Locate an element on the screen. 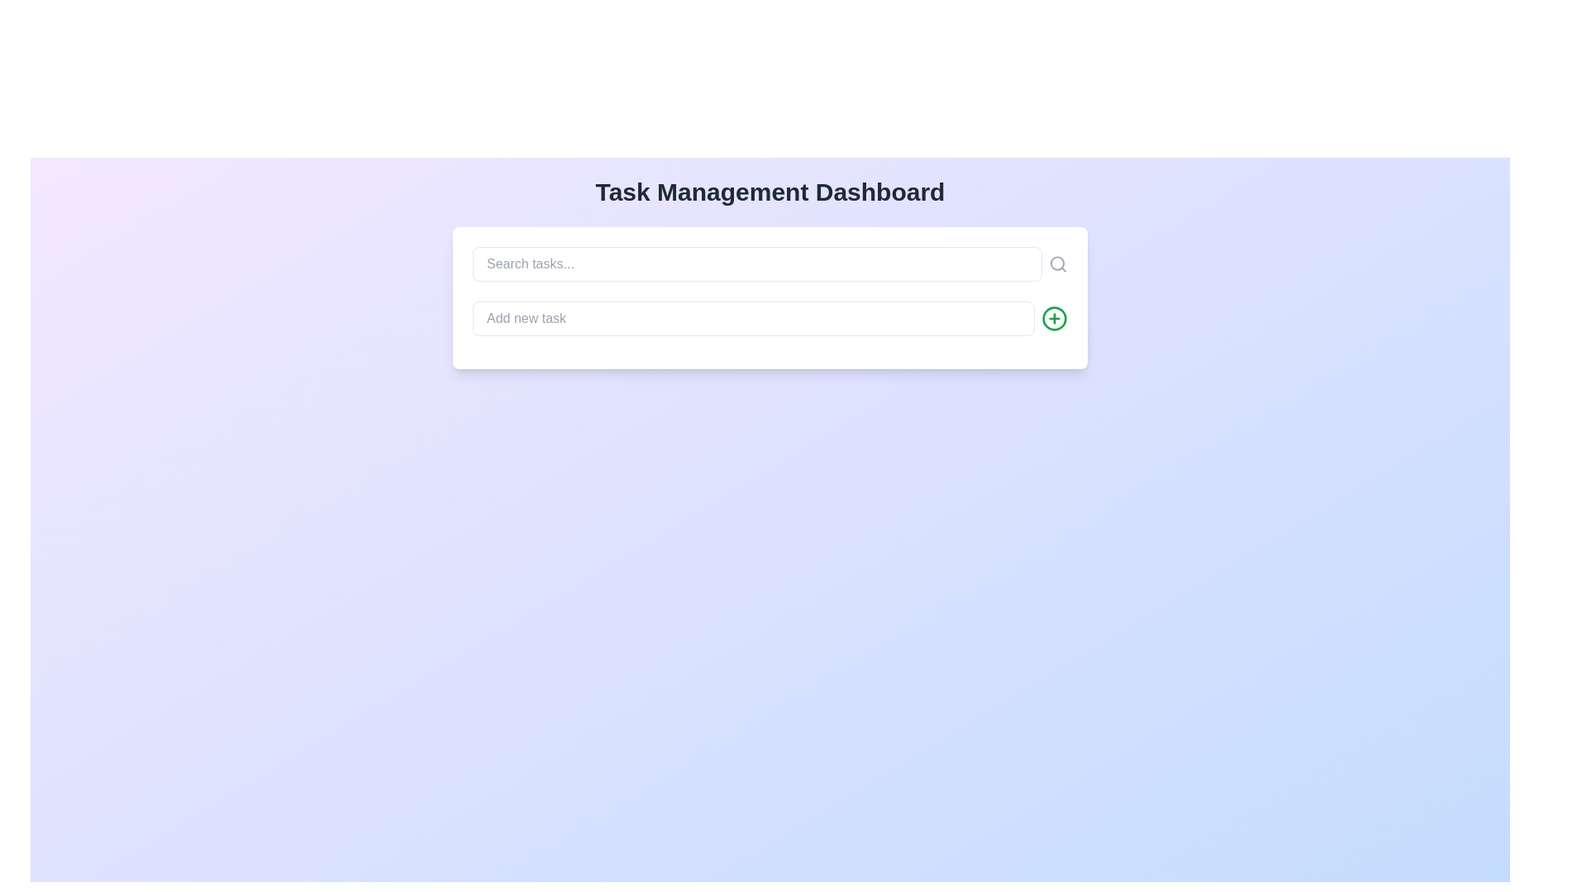 The width and height of the screenshot is (1587, 892). the text input field within the search bar located in the white rectangular card for accessibility is located at coordinates (769, 263).